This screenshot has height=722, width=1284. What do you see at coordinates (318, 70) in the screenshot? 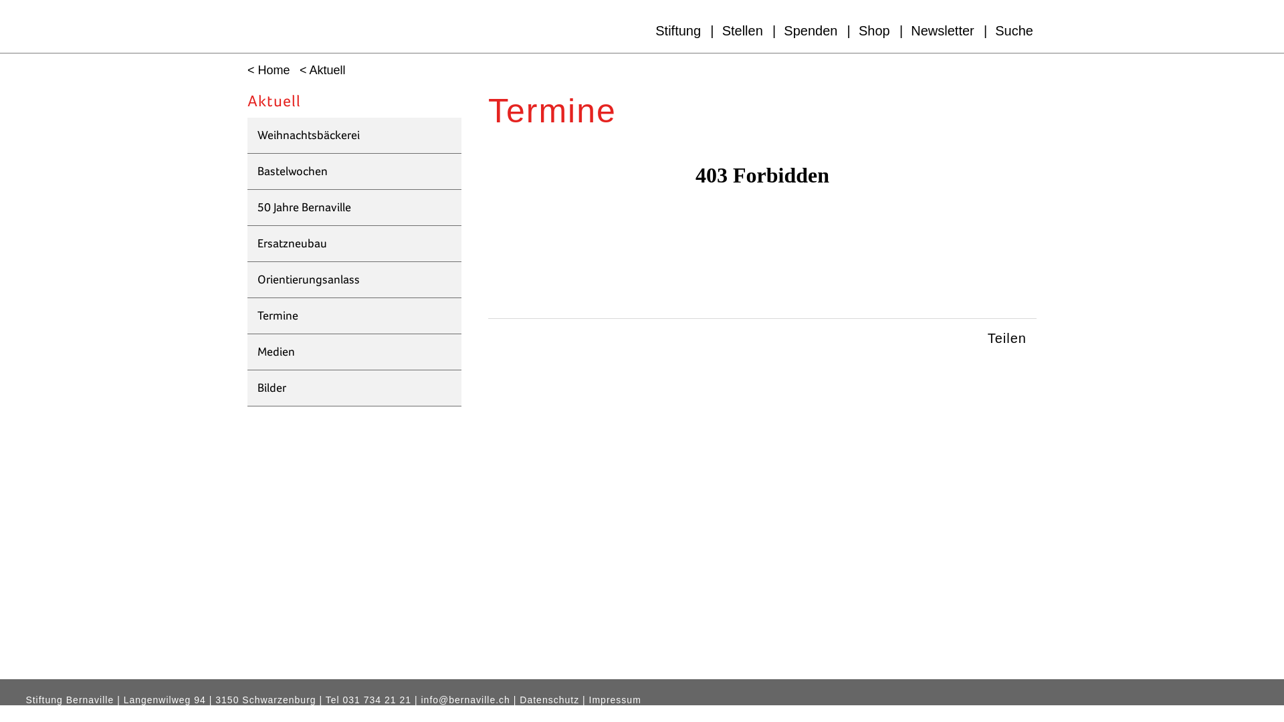
I see `'< Aktuell'` at bounding box center [318, 70].